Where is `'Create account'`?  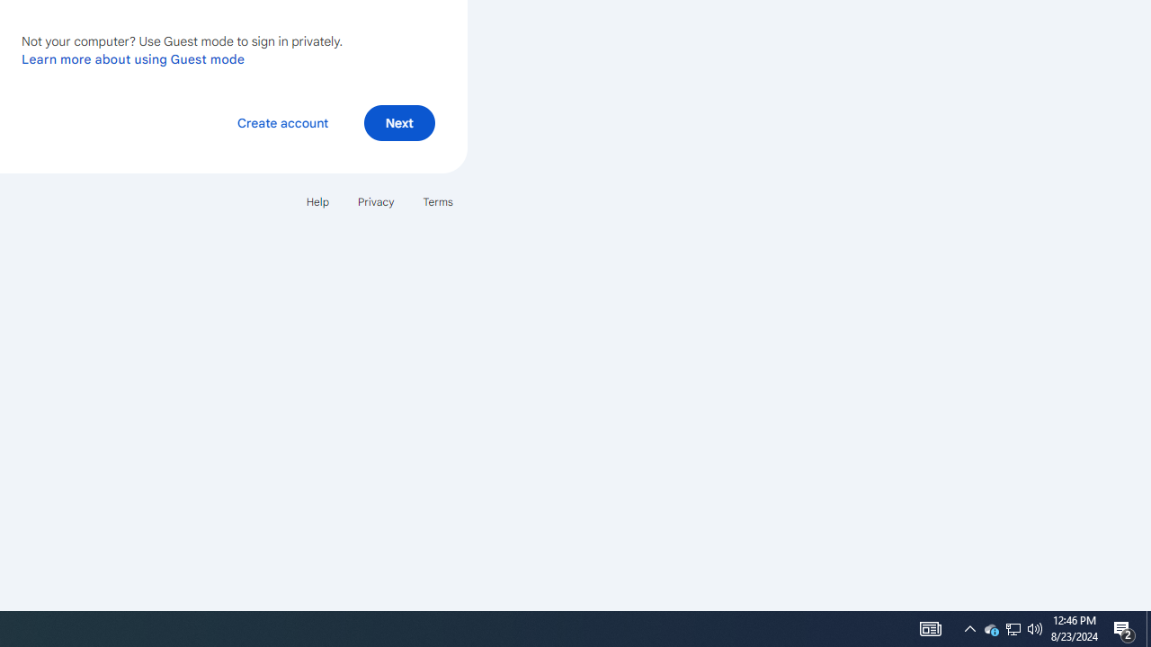 'Create account' is located at coordinates (281, 121).